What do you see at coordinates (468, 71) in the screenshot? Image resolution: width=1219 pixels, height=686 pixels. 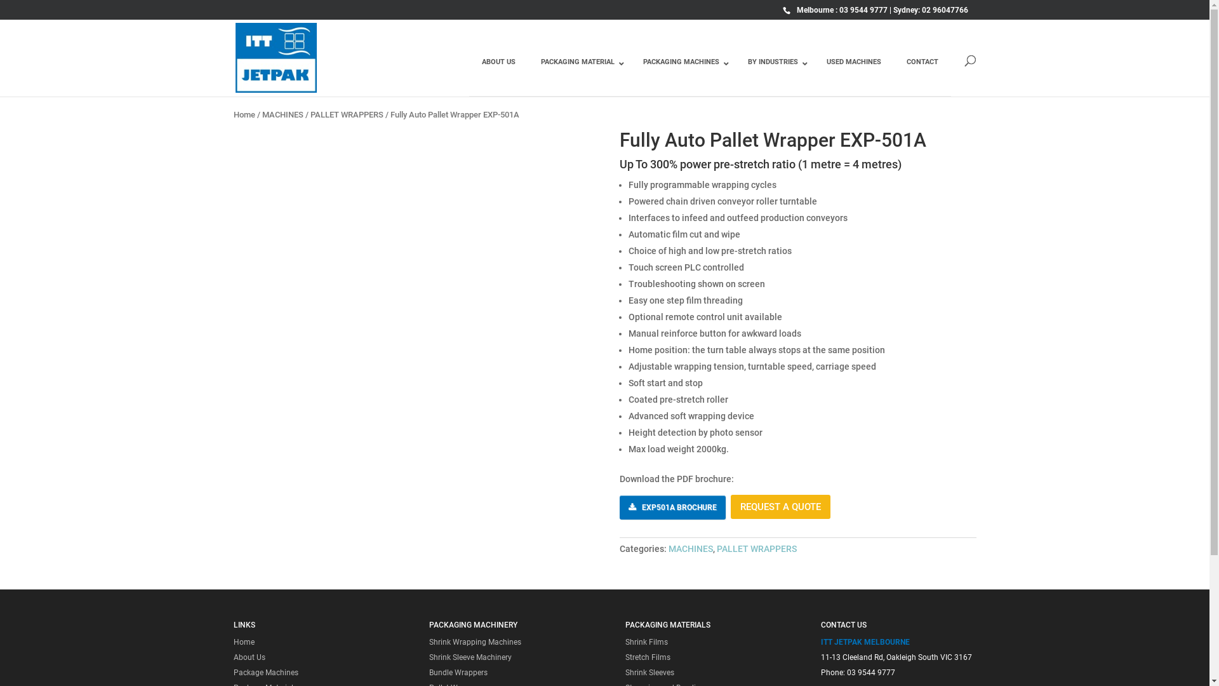 I see `'ABOUT US'` at bounding box center [468, 71].